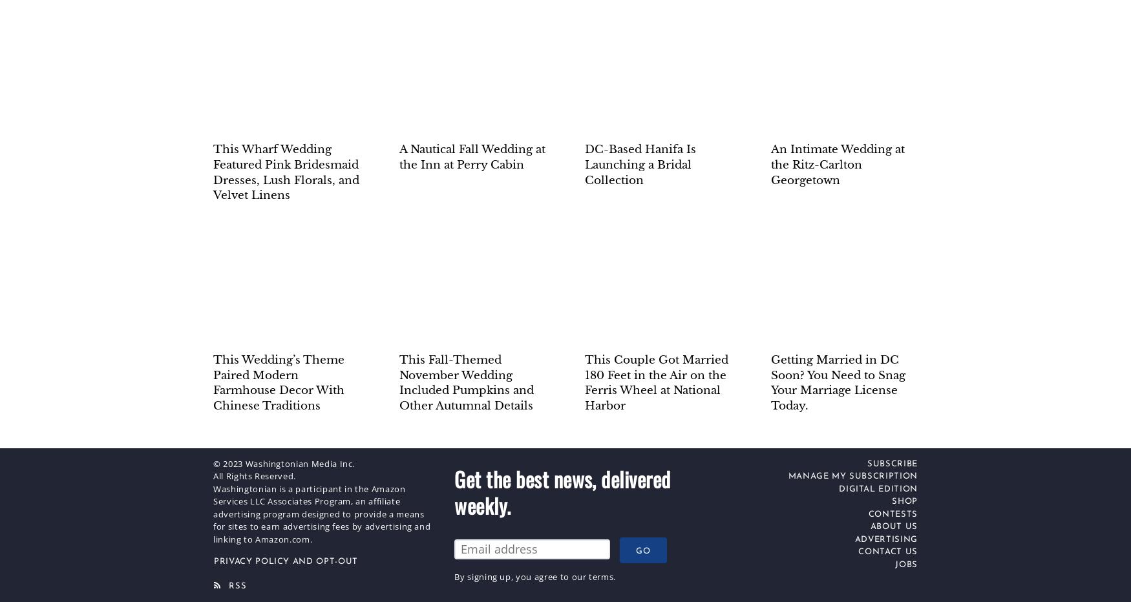  Describe the element at coordinates (284, 462) in the screenshot. I see `'© 2023 Washingtonian Media Inc.'` at that location.